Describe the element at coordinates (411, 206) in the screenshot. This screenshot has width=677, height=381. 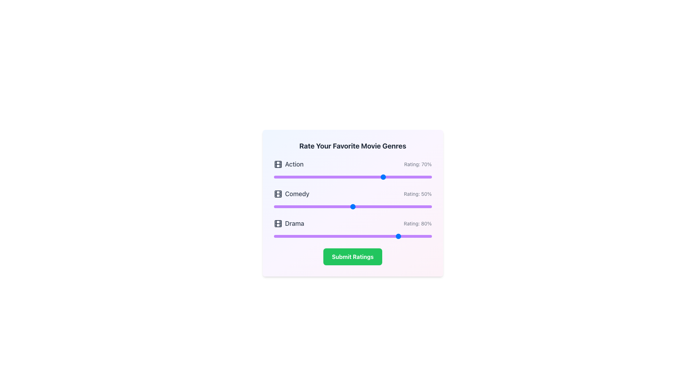
I see `the slider` at that location.